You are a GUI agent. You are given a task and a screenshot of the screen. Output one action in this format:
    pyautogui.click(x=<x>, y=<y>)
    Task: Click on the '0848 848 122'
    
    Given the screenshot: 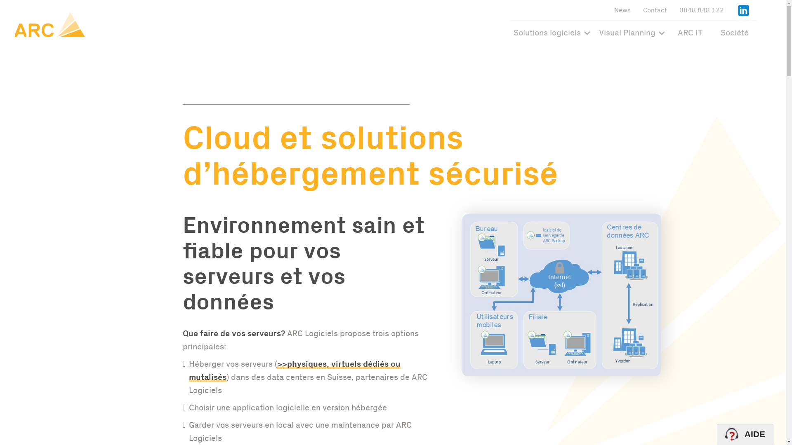 What is the action you would take?
    pyautogui.click(x=701, y=10)
    